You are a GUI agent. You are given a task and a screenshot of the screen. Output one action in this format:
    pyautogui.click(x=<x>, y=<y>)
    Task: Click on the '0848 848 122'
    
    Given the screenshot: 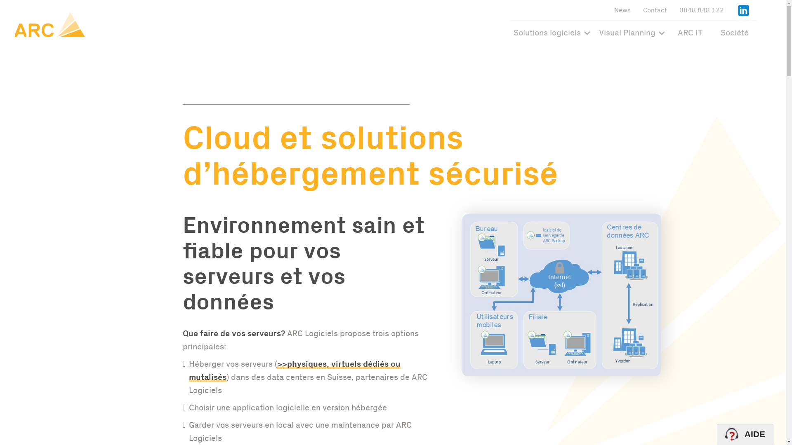 What is the action you would take?
    pyautogui.click(x=701, y=10)
    